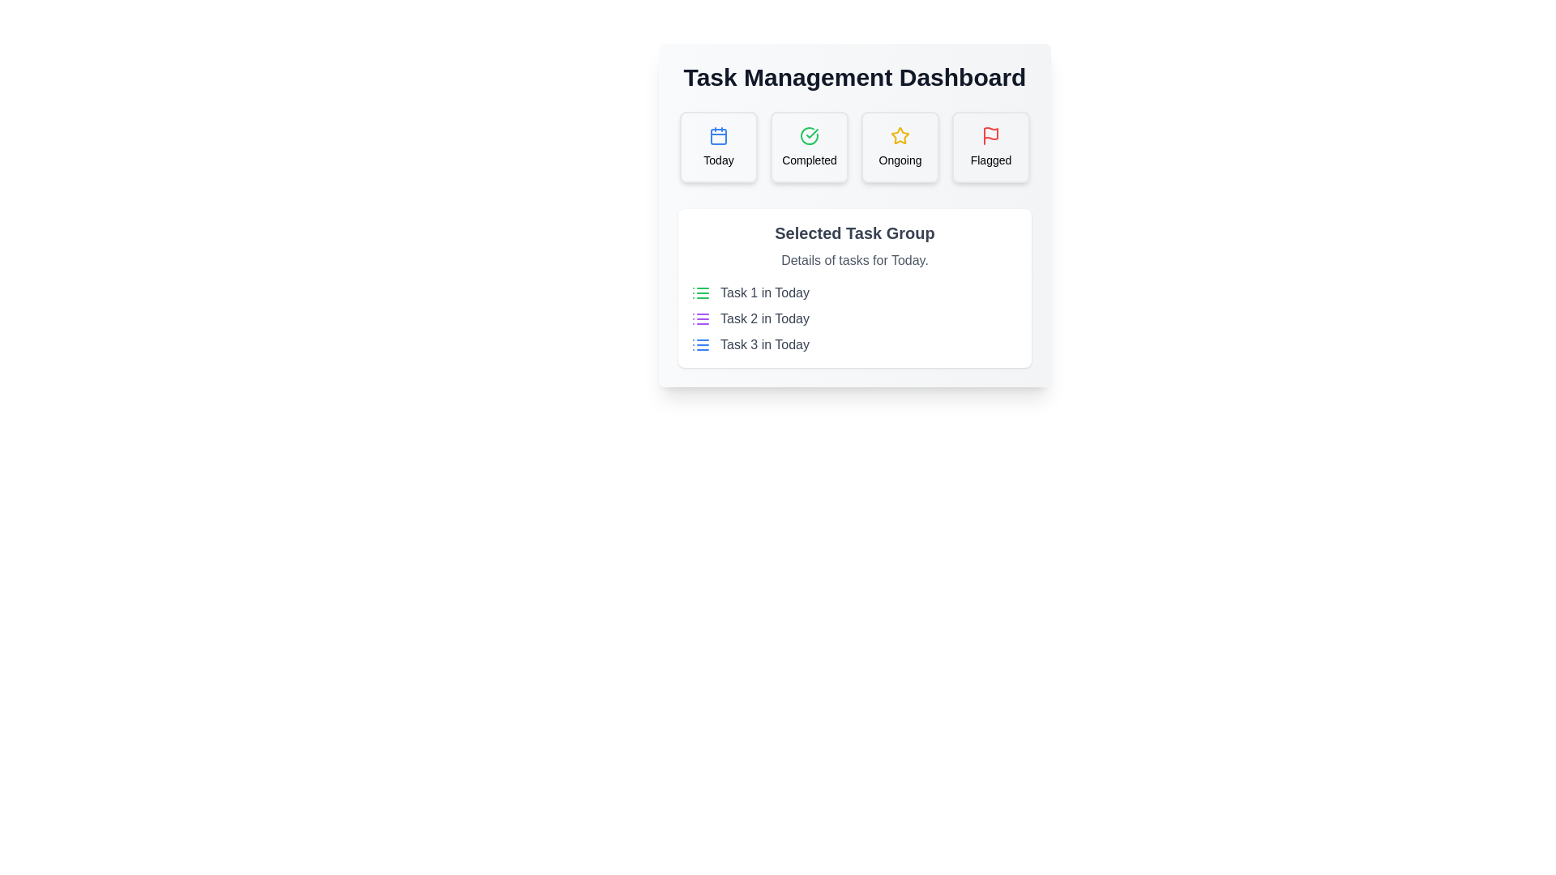 The image size is (1556, 875). What do you see at coordinates (718, 135) in the screenshot?
I see `the blue-outlined calendar icon located in the Task Management Dashboard, which is the leftmost icon in the row of task group selectors directly above the text 'Today'` at bounding box center [718, 135].